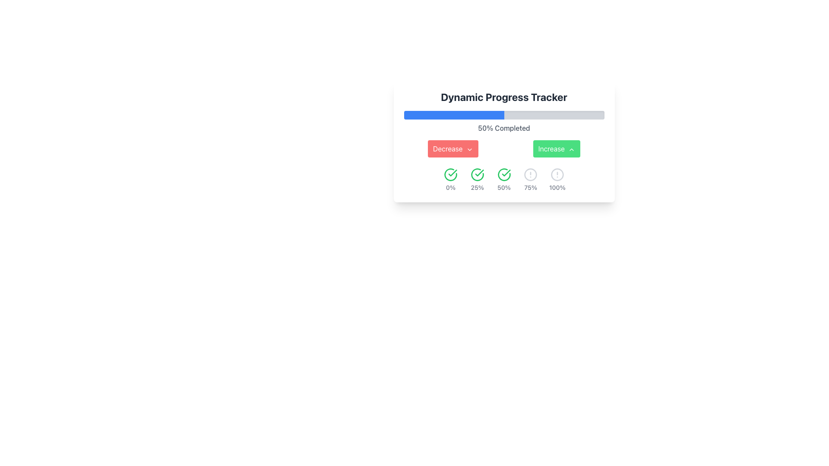 The height and width of the screenshot is (466, 829). I want to click on the blue rectangular progress bar with rounded corners, which is part of the 'Dynamic Progress Tracker' interface and indicates progress, so click(453, 114).